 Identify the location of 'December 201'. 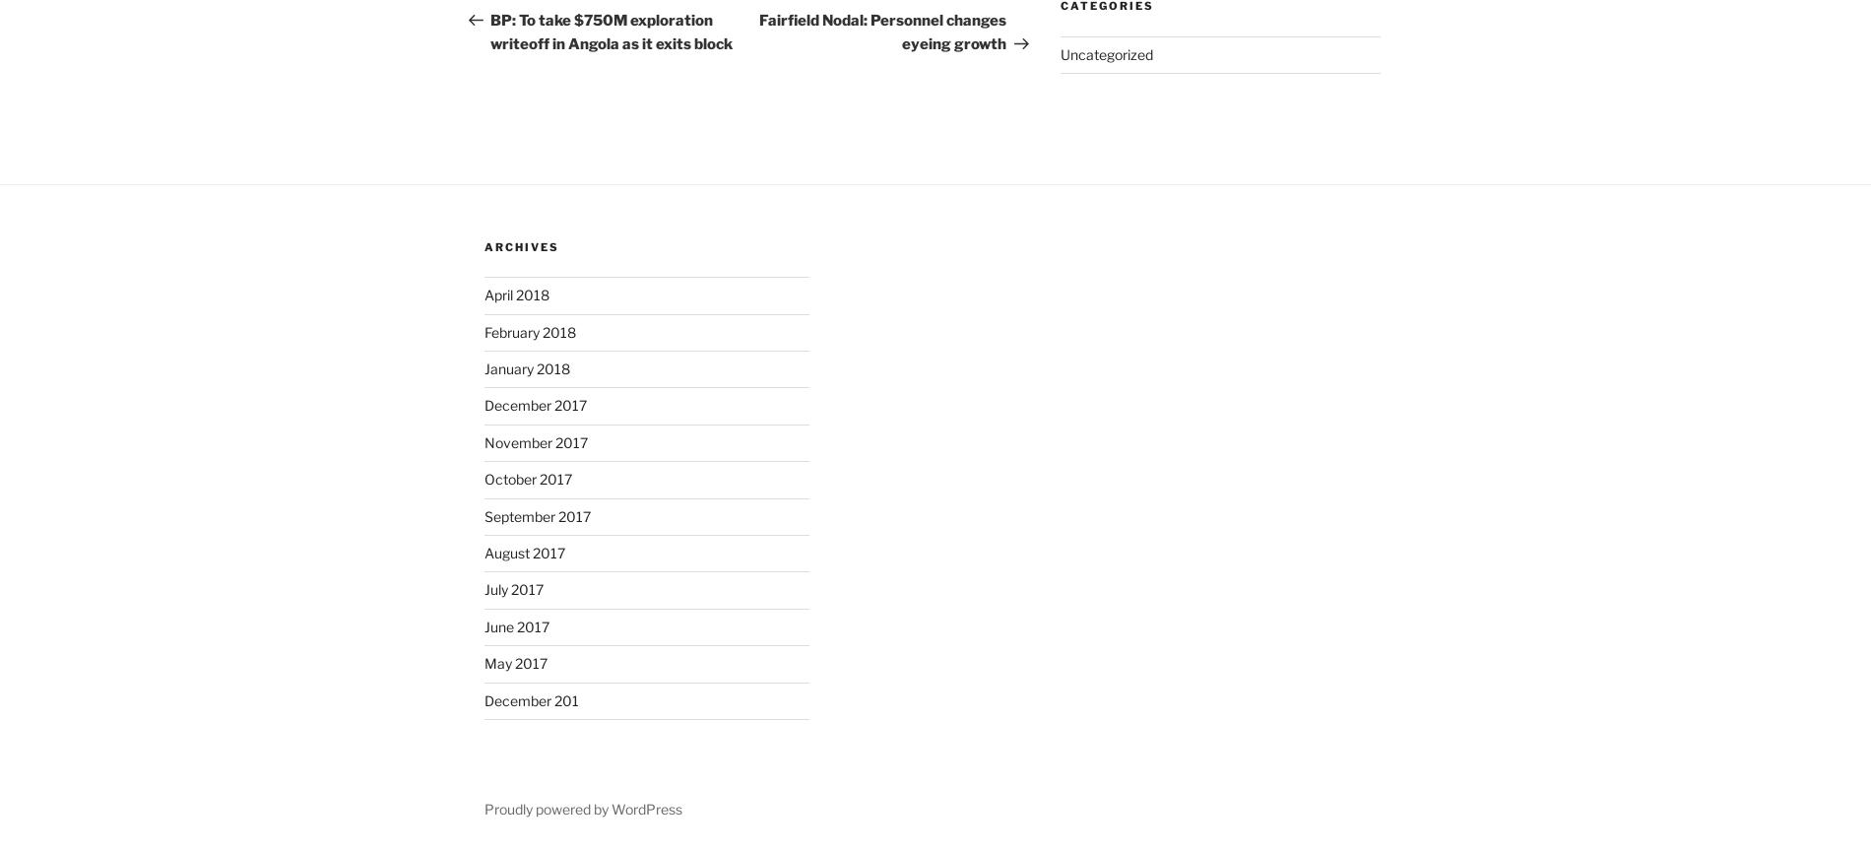
(531, 699).